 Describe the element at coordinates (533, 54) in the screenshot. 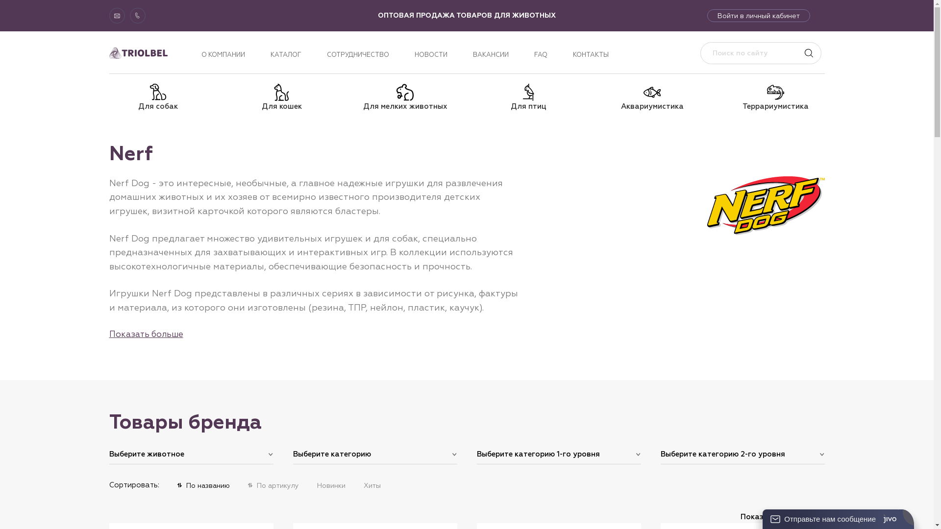

I see `'FAQ'` at that location.